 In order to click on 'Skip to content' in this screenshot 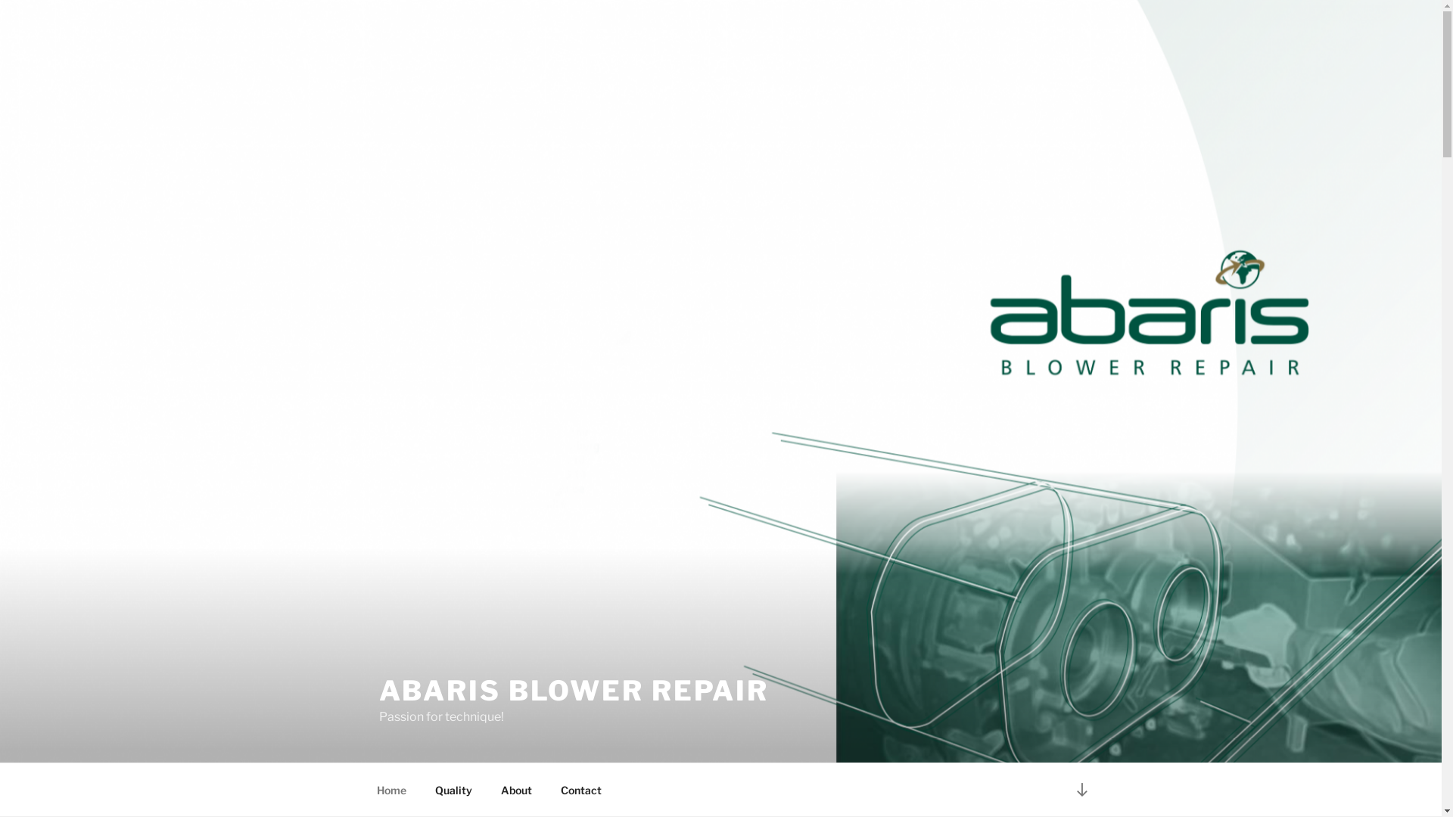, I will do `click(0, 0)`.